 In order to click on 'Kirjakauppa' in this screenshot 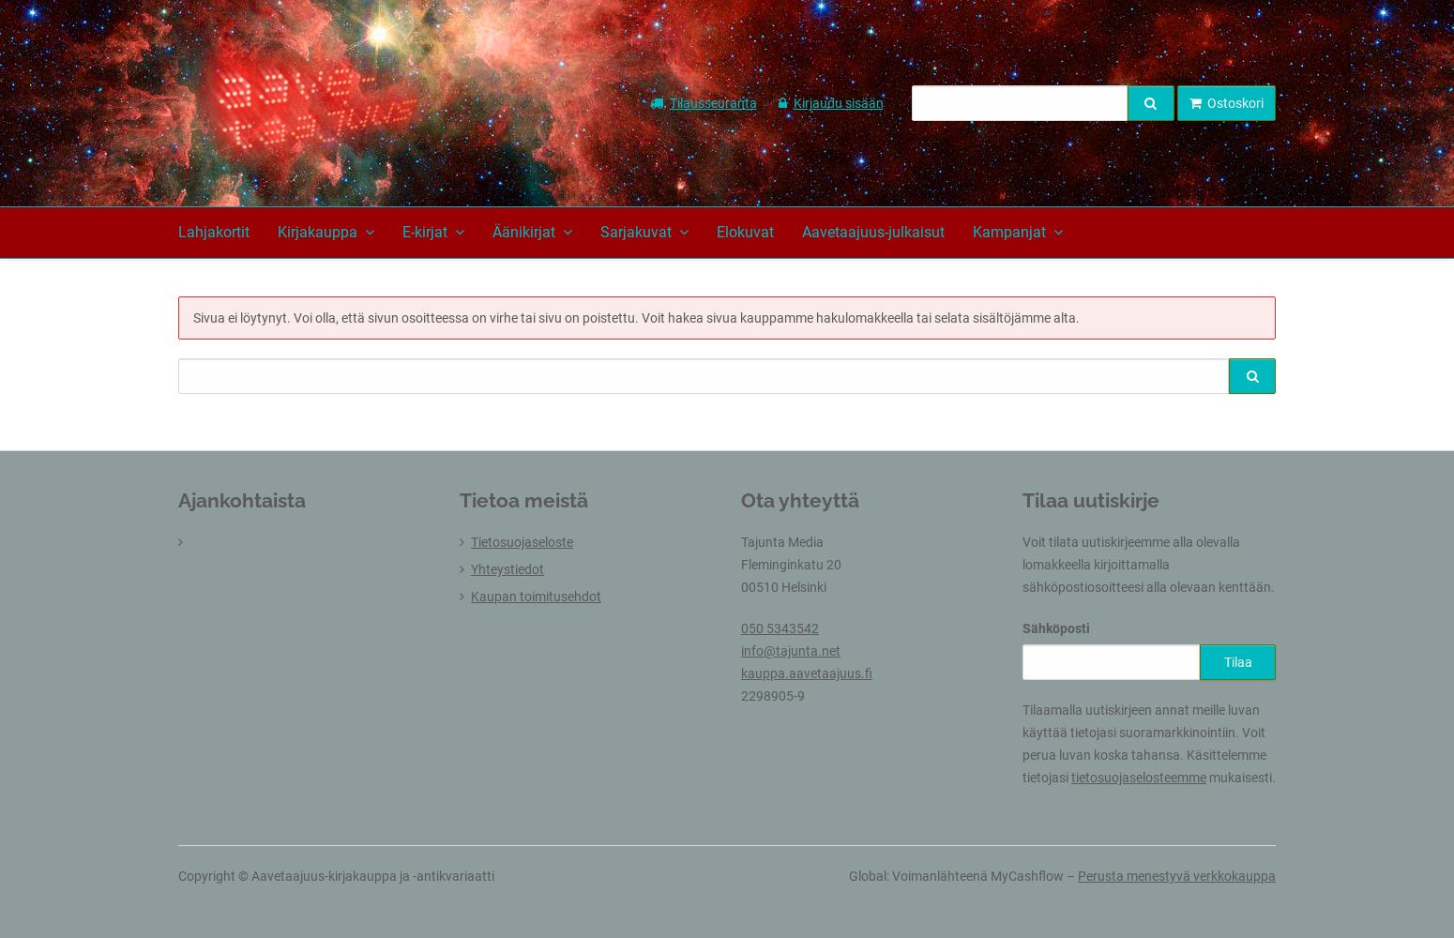, I will do `click(316, 231)`.